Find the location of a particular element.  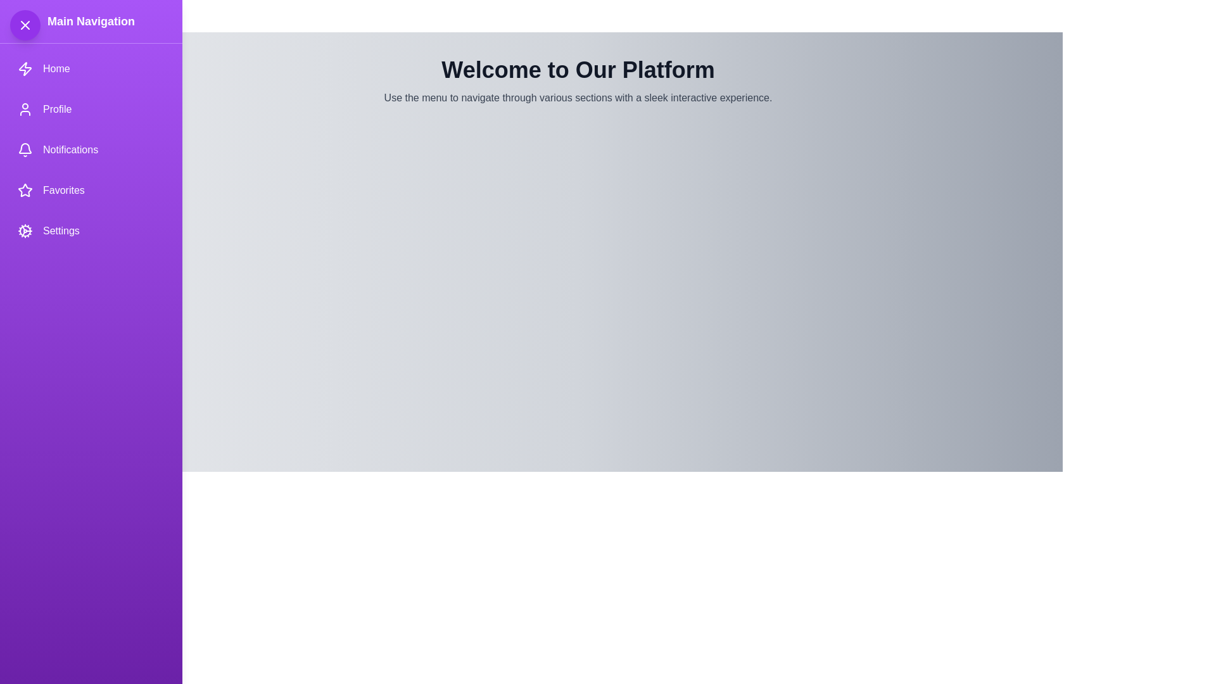

the navigation item Notifications to trigger its action is located at coordinates (91, 149).